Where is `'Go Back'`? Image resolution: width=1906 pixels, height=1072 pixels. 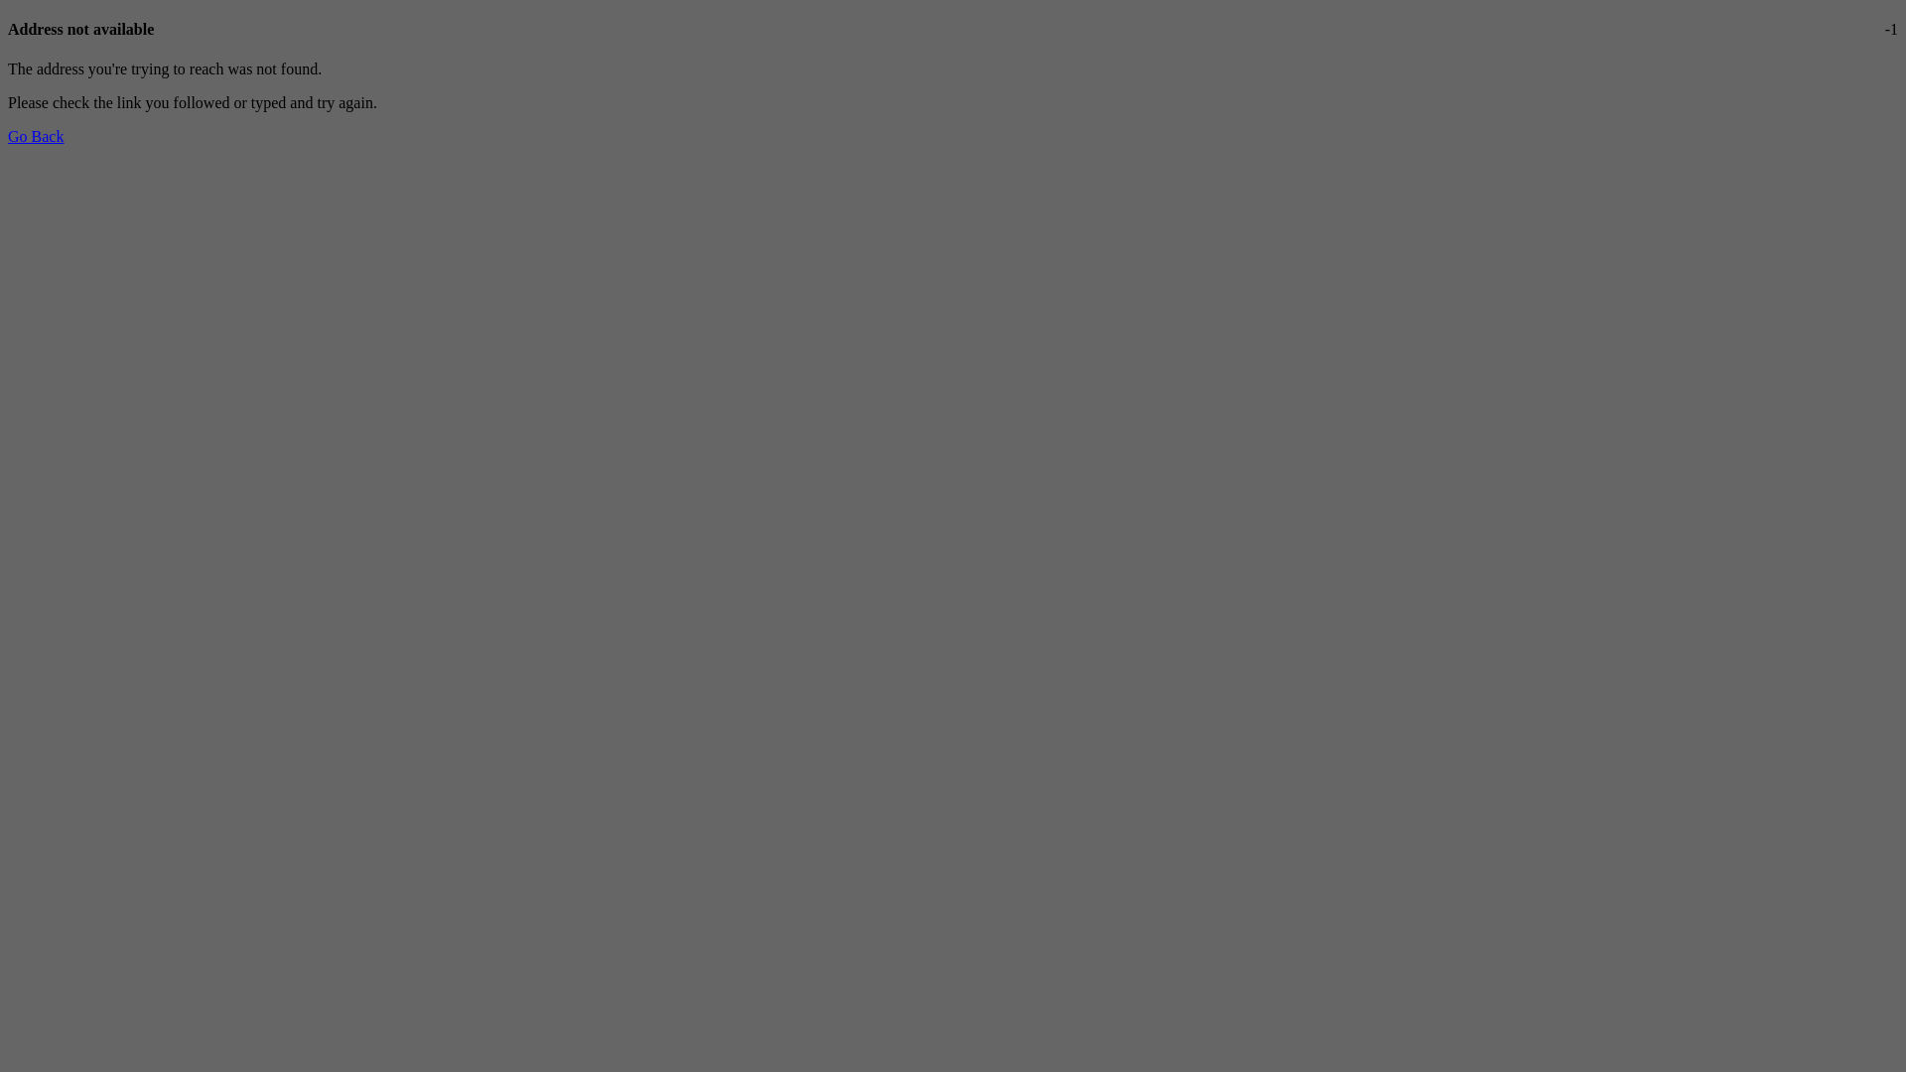
'Go Back' is located at coordinates (8, 135).